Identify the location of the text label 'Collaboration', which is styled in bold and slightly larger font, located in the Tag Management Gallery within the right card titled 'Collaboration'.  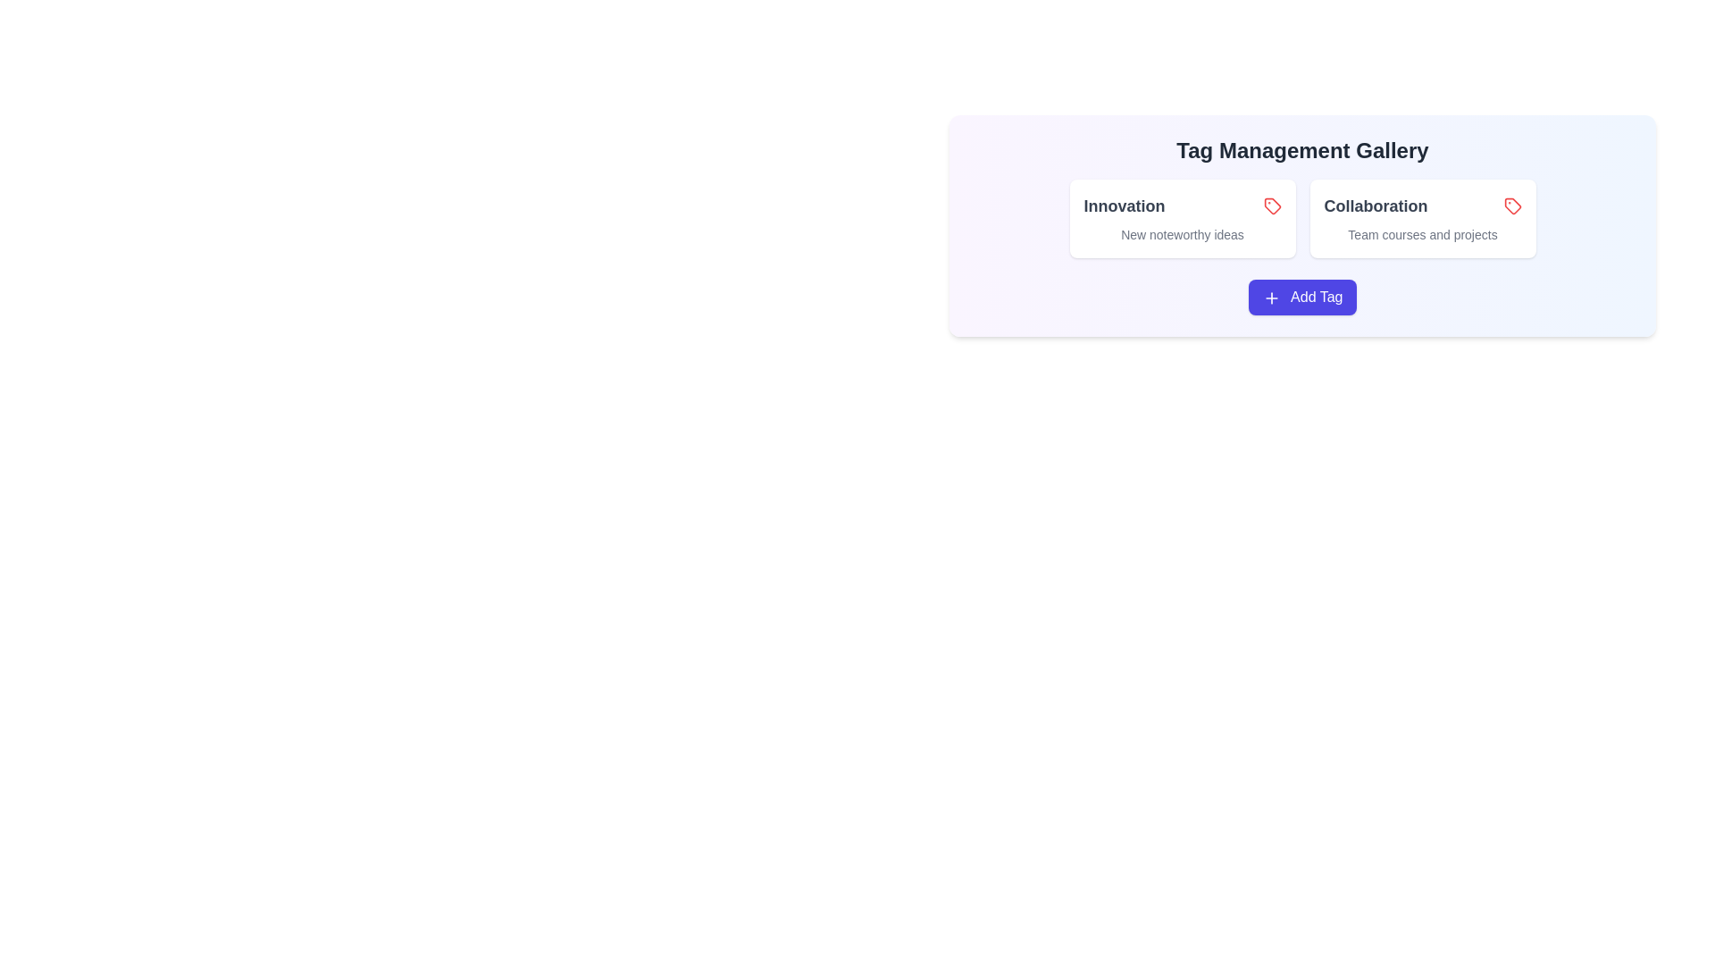
(1422, 206).